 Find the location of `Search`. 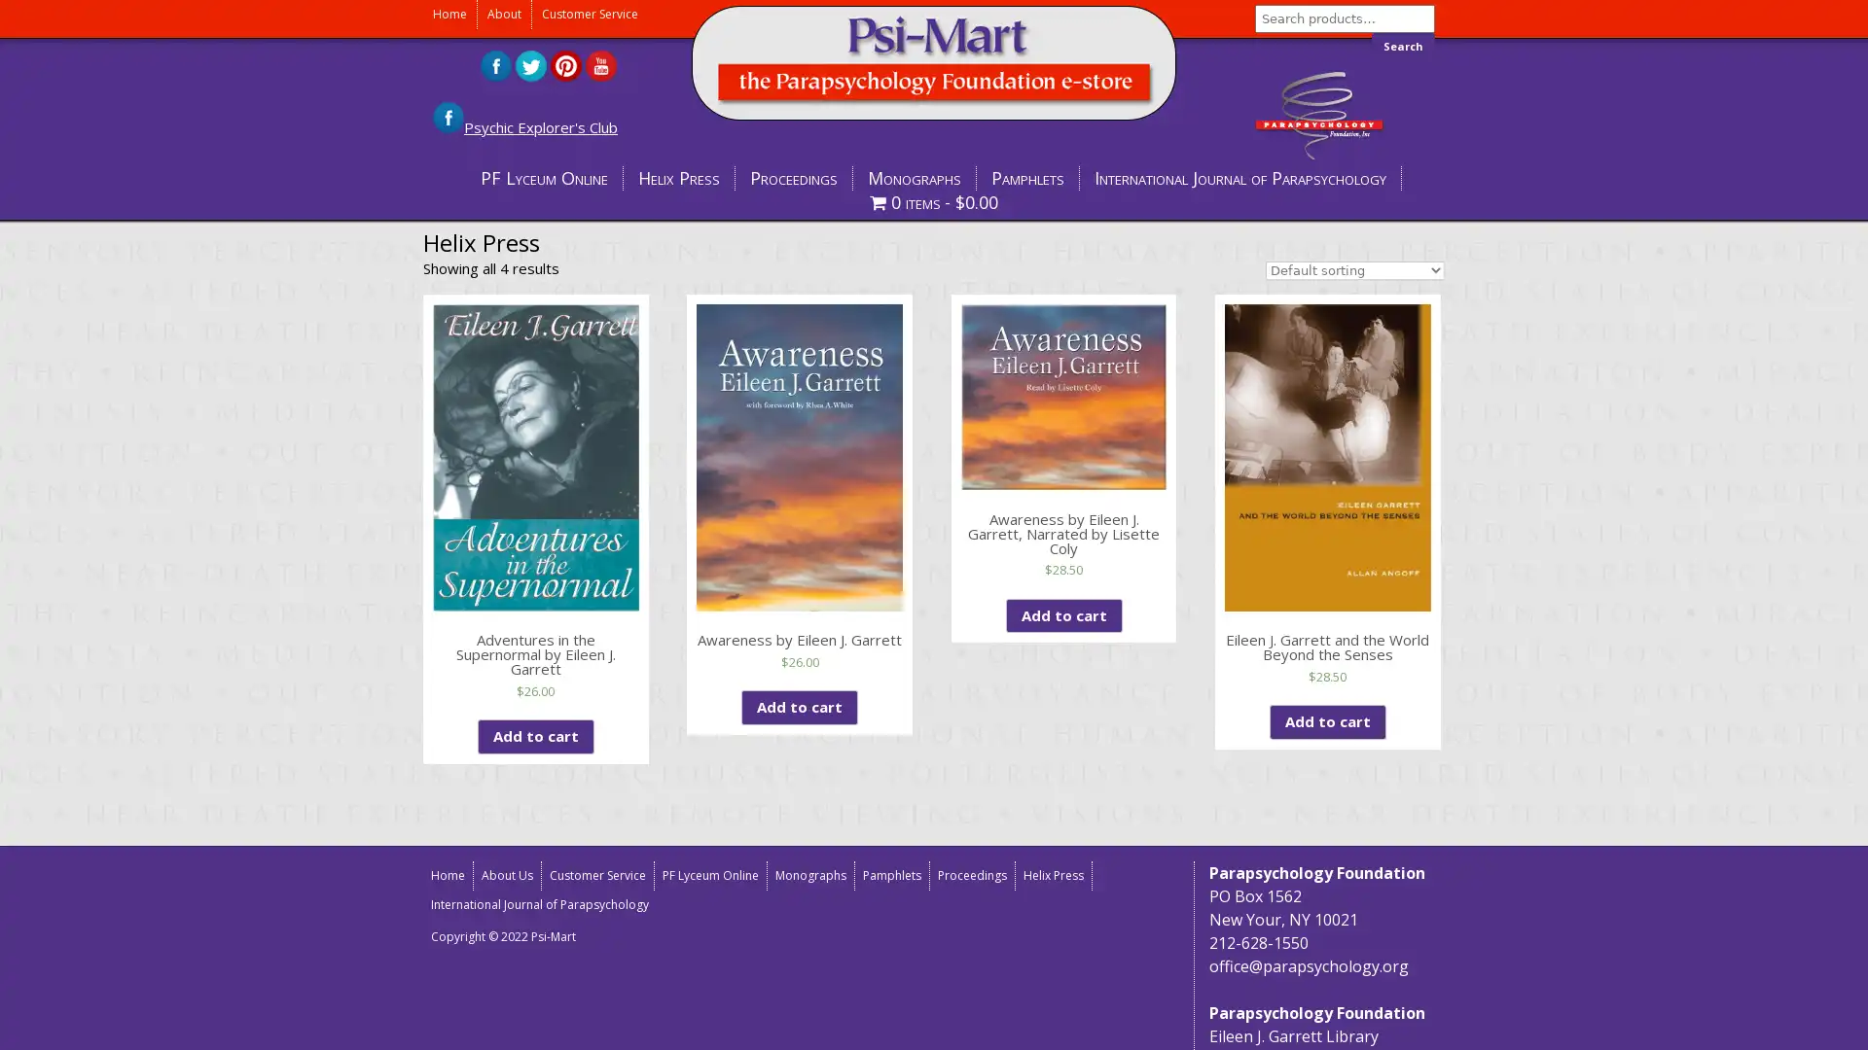

Search is located at coordinates (1403, 45).